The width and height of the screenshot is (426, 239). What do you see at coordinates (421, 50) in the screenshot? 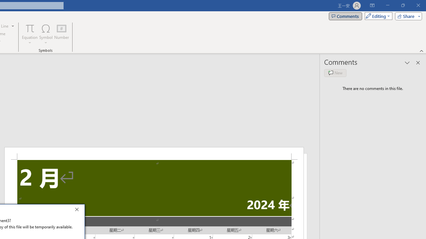
I see `'Collapse the Ribbon'` at bounding box center [421, 50].